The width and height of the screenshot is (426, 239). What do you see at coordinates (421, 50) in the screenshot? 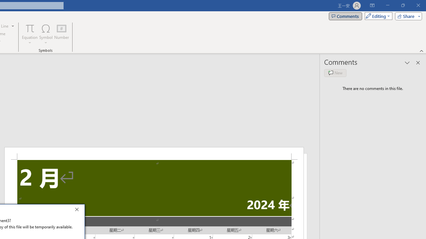
I see `'Collapse the Ribbon'` at bounding box center [421, 50].